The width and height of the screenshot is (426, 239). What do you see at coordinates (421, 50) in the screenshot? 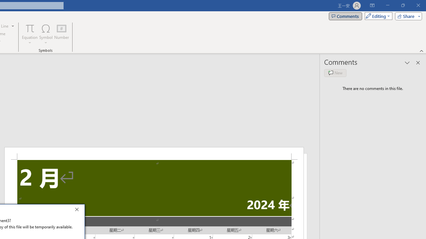
I see `'Collapse the Ribbon'` at bounding box center [421, 50].